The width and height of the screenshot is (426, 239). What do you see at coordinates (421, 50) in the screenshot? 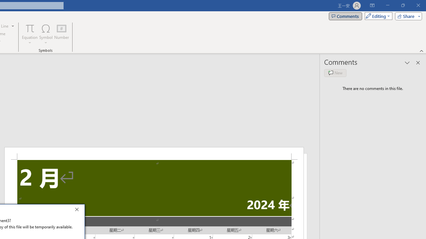
I see `'Collapse the Ribbon'` at bounding box center [421, 50].